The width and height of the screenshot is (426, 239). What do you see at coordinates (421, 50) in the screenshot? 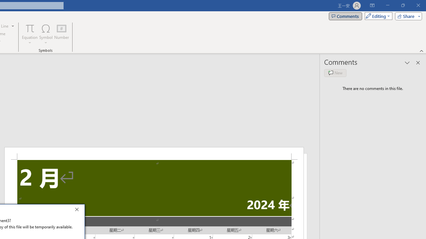
I see `'Collapse the Ribbon'` at bounding box center [421, 50].